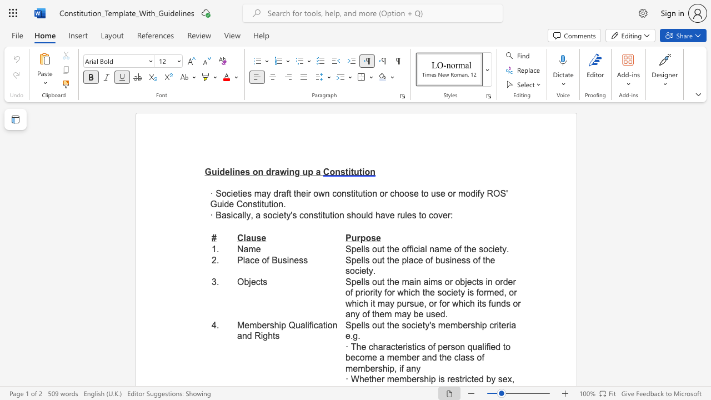  What do you see at coordinates (351, 248) in the screenshot?
I see `the subset text "pells o" within the text "Spells out the official name of the society."` at bounding box center [351, 248].